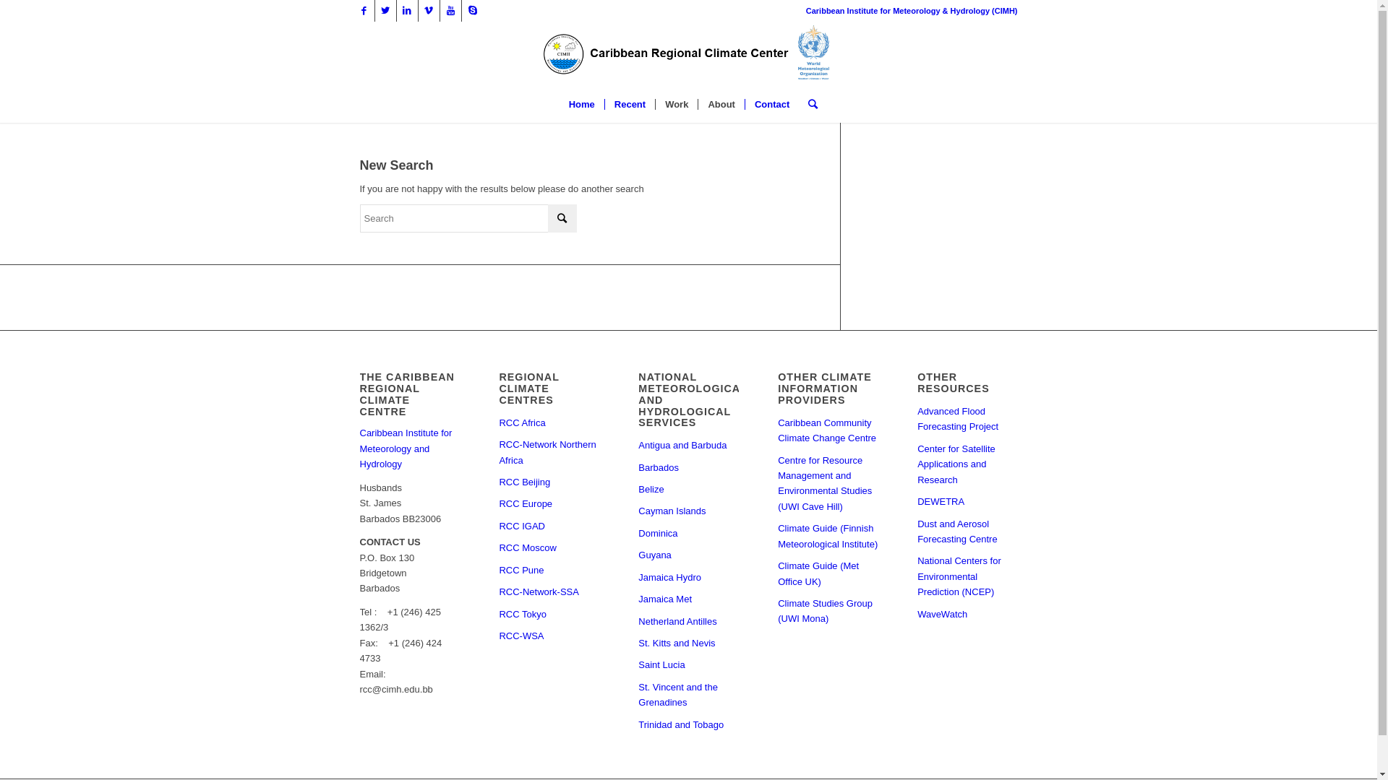  I want to click on 'Vimeo', so click(427, 11).